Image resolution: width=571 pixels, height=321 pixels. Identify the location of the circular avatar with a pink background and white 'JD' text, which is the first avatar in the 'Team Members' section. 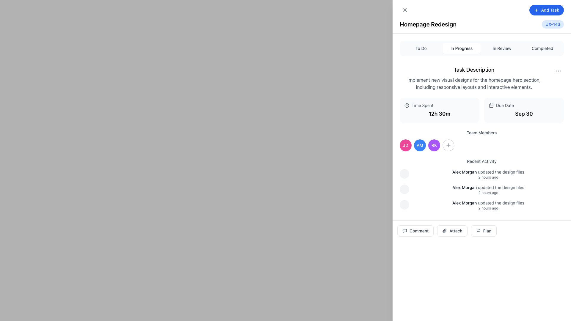
(405, 145).